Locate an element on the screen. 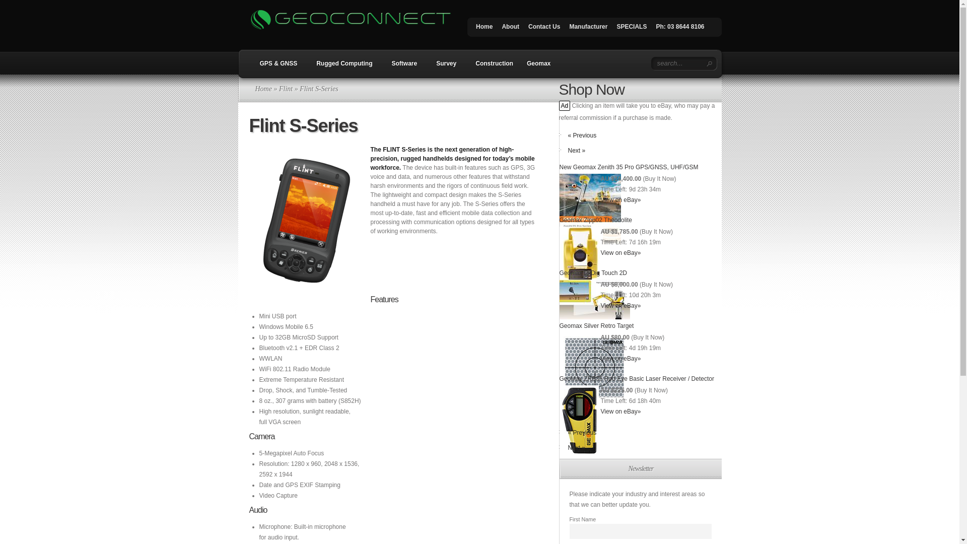  'Ph: 03 8644 8106' is located at coordinates (679, 28).